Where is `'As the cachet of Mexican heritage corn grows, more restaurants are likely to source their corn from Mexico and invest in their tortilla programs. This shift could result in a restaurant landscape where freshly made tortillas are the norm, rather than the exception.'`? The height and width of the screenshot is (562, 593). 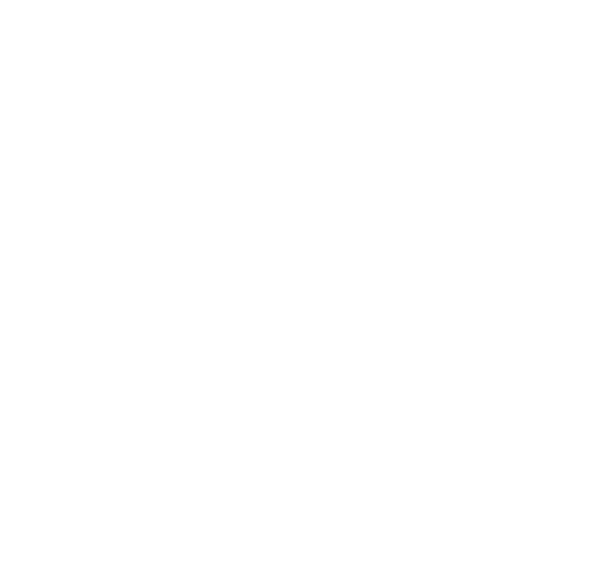
'As the cachet of Mexican heritage corn grows, more restaurants are likely to source their corn from Mexico and invest in their tortilla programs. This shift could result in a restaurant landscape where freshly made tortillas are the norm, rather than the exception.' is located at coordinates (200, 402).